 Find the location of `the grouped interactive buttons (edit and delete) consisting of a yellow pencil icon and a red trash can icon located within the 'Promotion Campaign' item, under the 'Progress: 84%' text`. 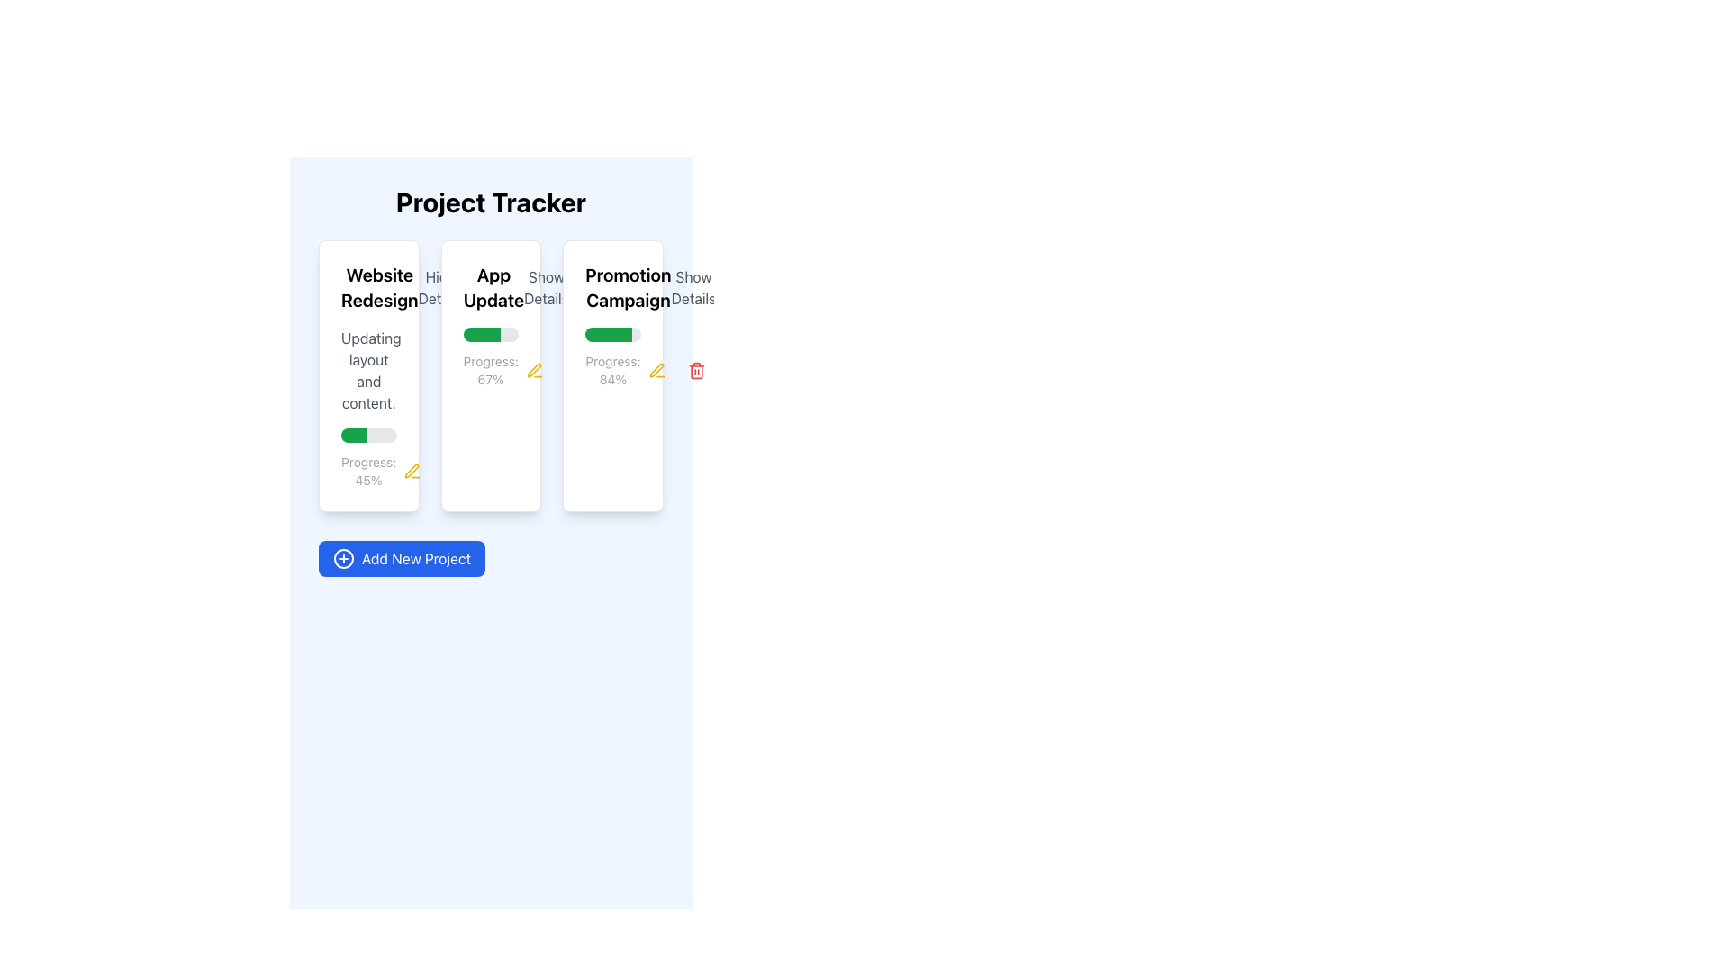

the grouped interactive buttons (edit and delete) consisting of a yellow pencil icon and a red trash can icon located within the 'Promotion Campaign' item, under the 'Progress: 84%' text is located at coordinates (675, 370).